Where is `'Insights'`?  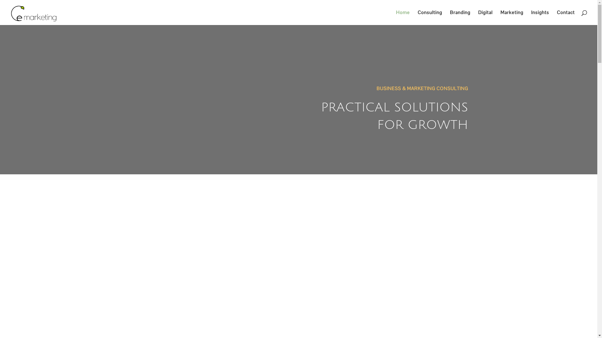 'Insights' is located at coordinates (540, 17).